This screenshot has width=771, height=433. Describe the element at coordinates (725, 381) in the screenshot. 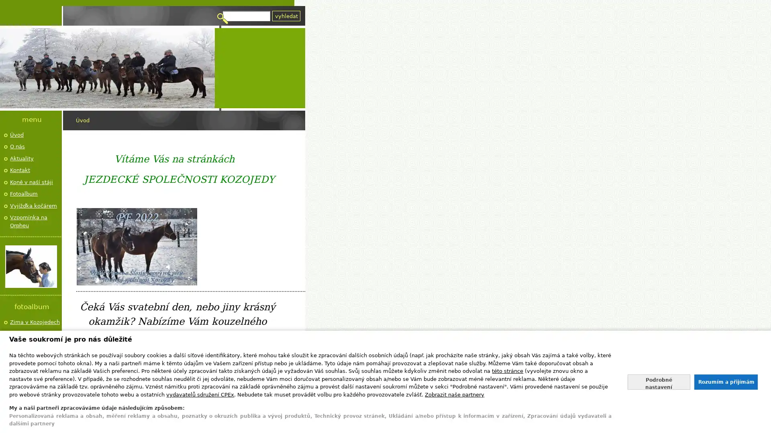

I see `Souhlasit s nasim zpracovanim udaju a zavrit` at that location.